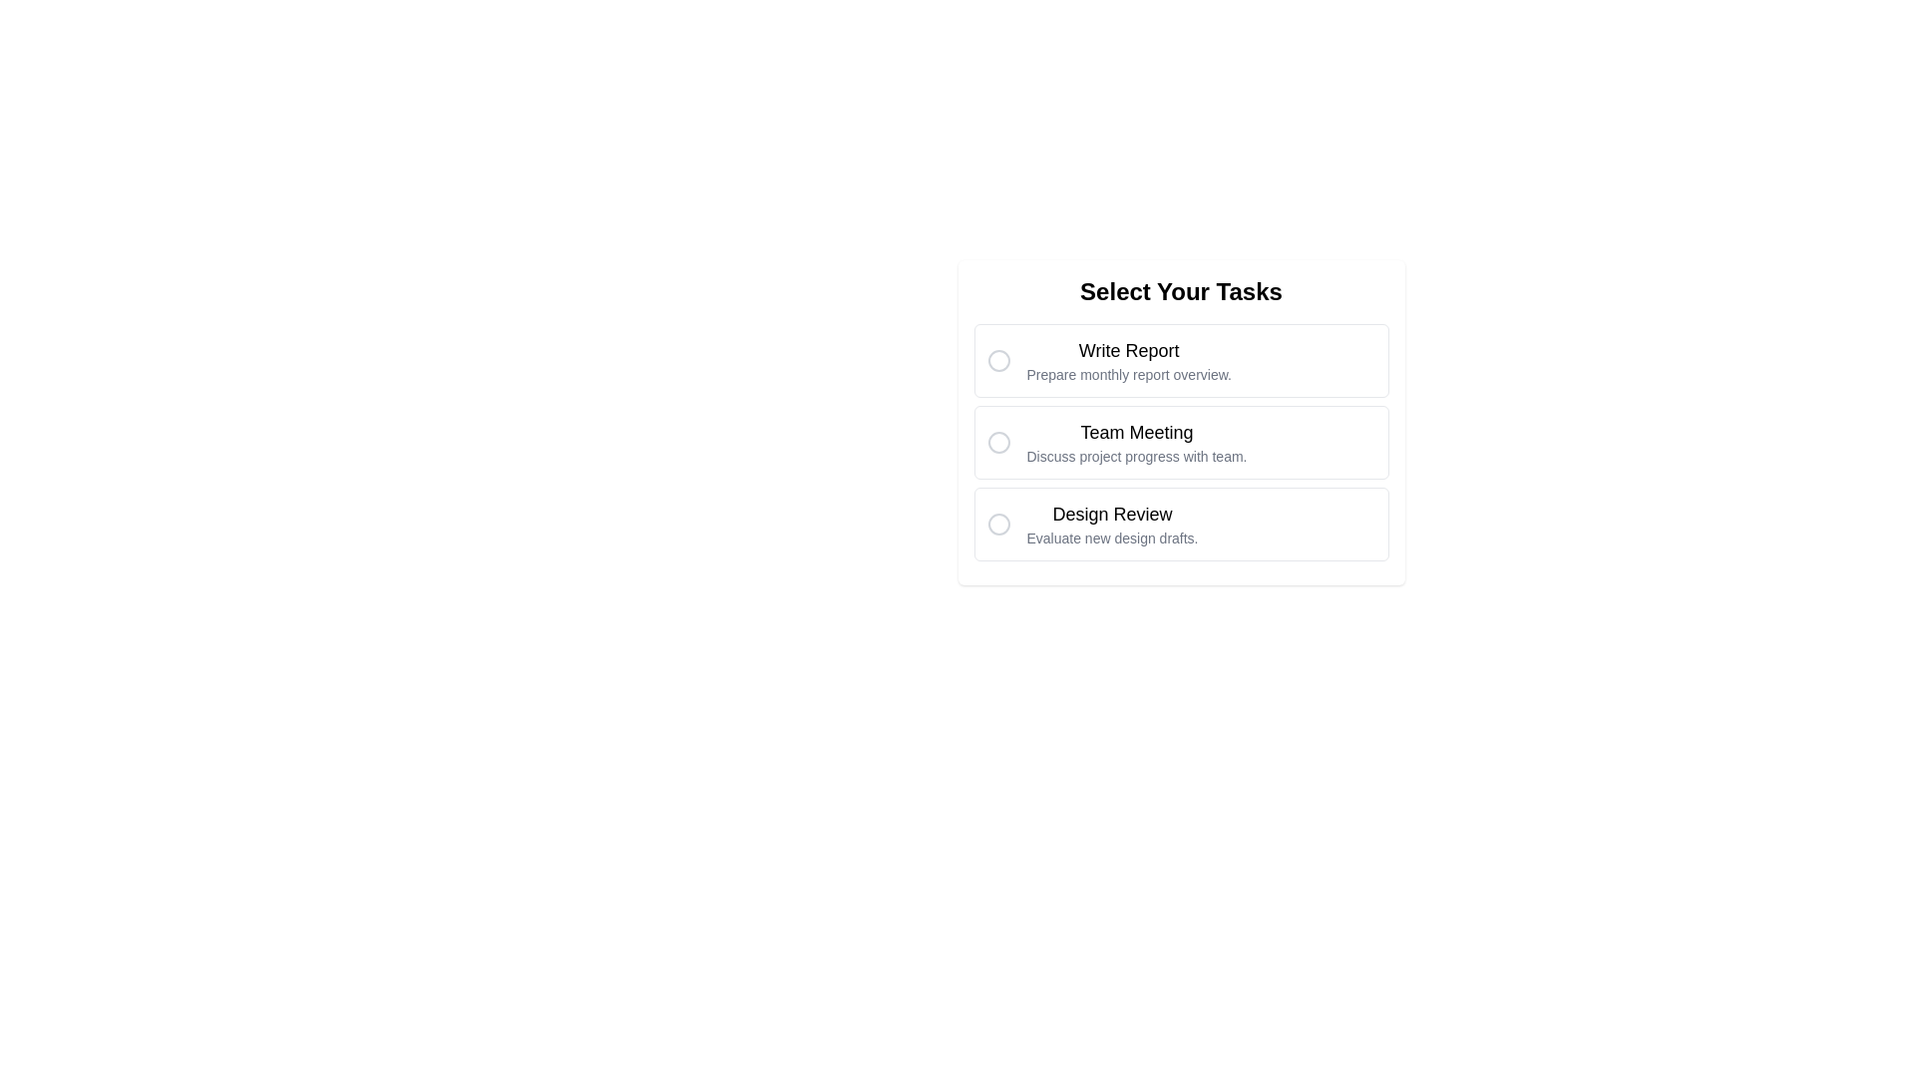 The height and width of the screenshot is (1077, 1915). I want to click on the 'Write Report' task selection tile, so click(1181, 361).